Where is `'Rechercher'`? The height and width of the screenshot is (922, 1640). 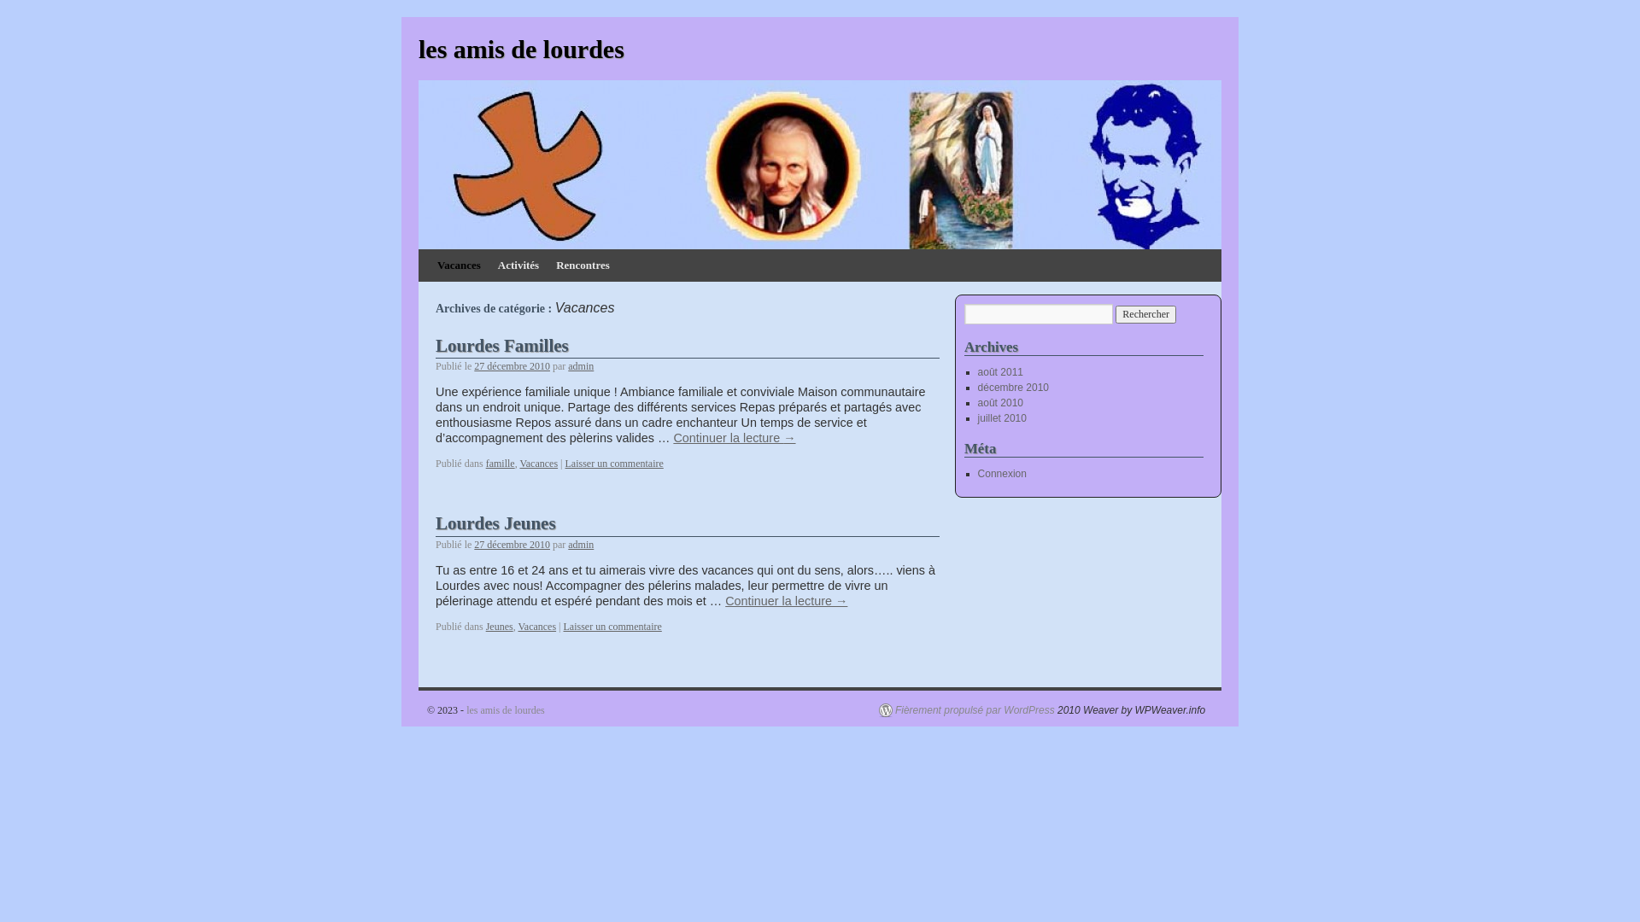 'Rechercher' is located at coordinates (1145, 314).